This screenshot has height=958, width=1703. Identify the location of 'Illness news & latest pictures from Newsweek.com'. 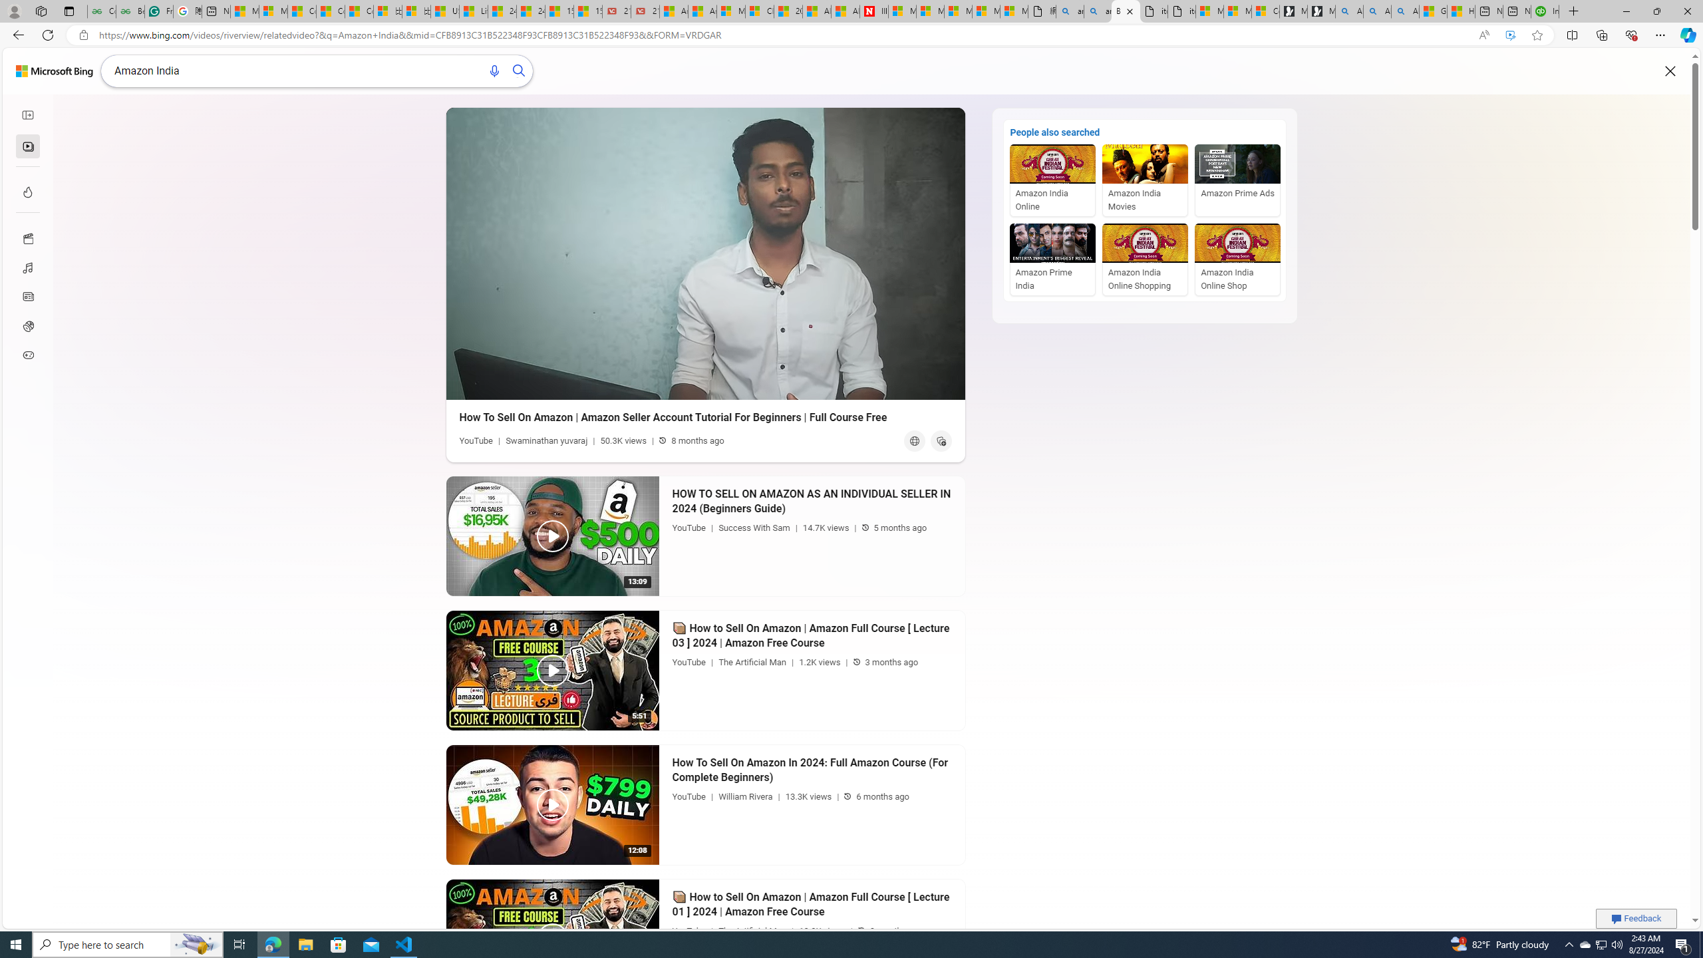
(873, 11).